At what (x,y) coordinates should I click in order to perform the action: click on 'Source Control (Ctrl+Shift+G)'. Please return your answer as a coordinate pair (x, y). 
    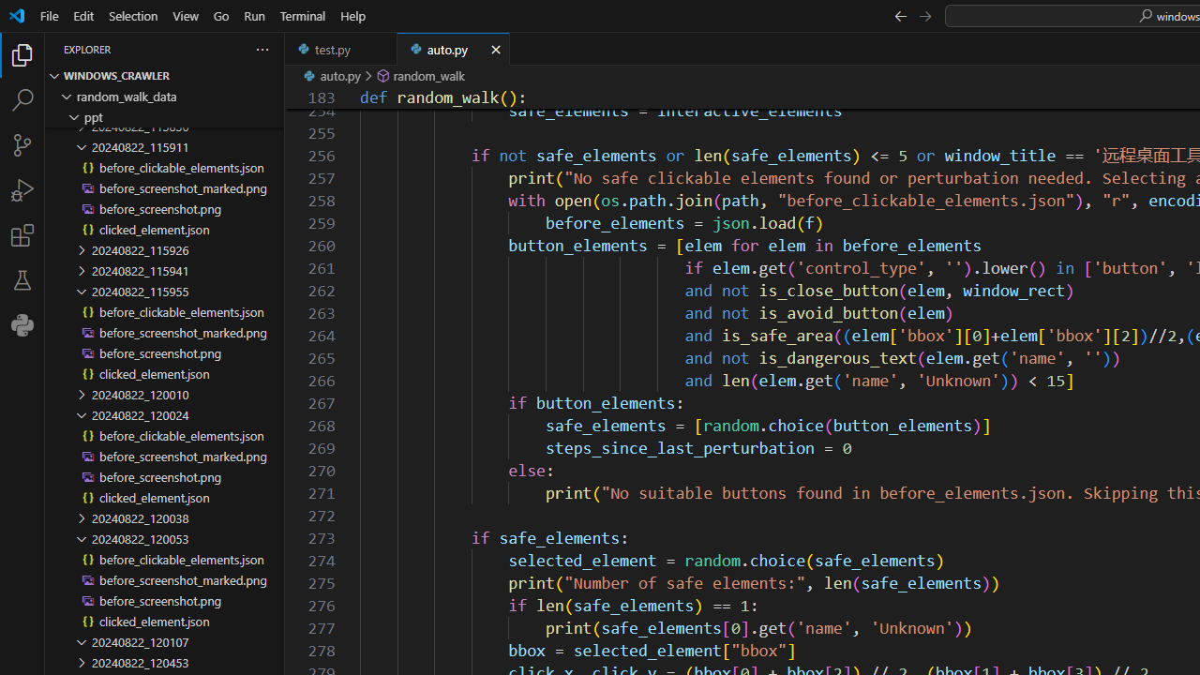
    Looking at the image, I should click on (22, 144).